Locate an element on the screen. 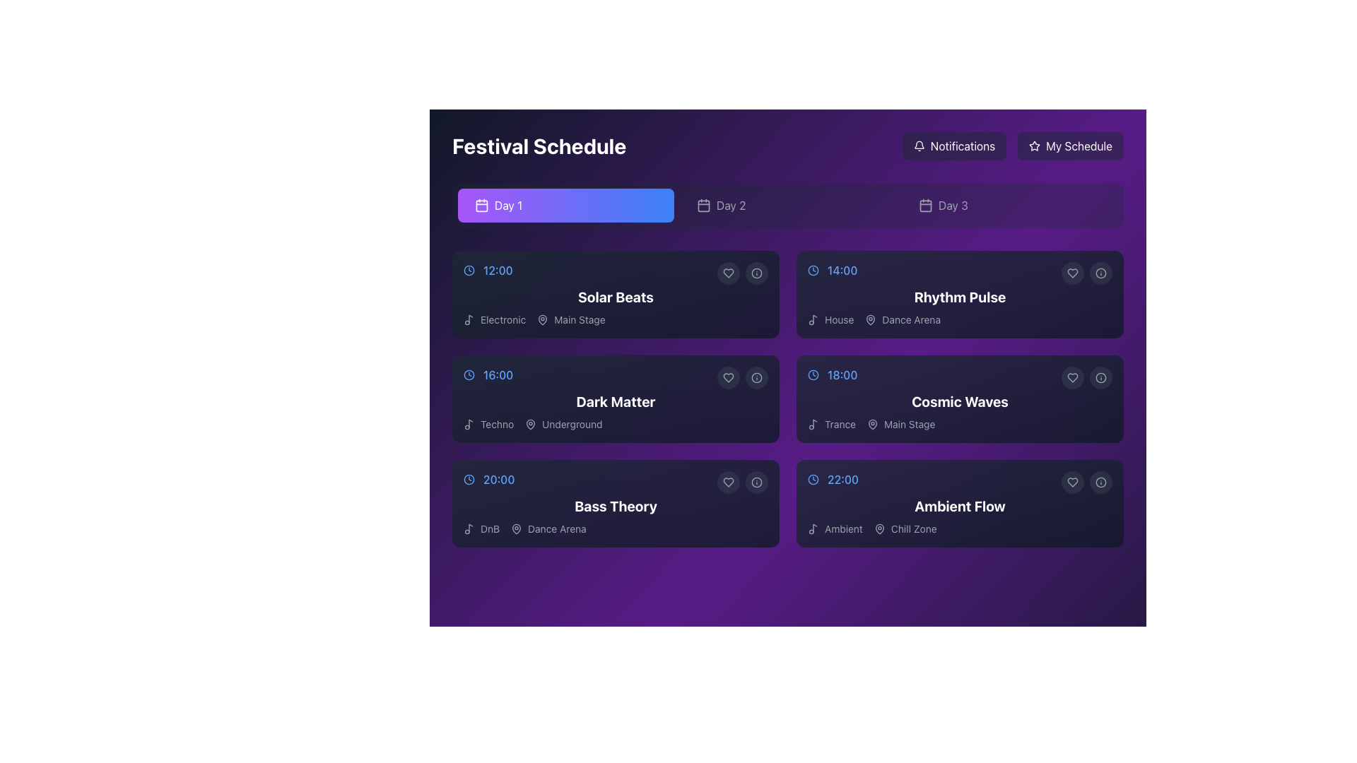 The image size is (1357, 763). the text label displaying 'Techno' which is positioned under the 'Dark Matter' event box and adjacent to a musical note icon is located at coordinates (497, 424).